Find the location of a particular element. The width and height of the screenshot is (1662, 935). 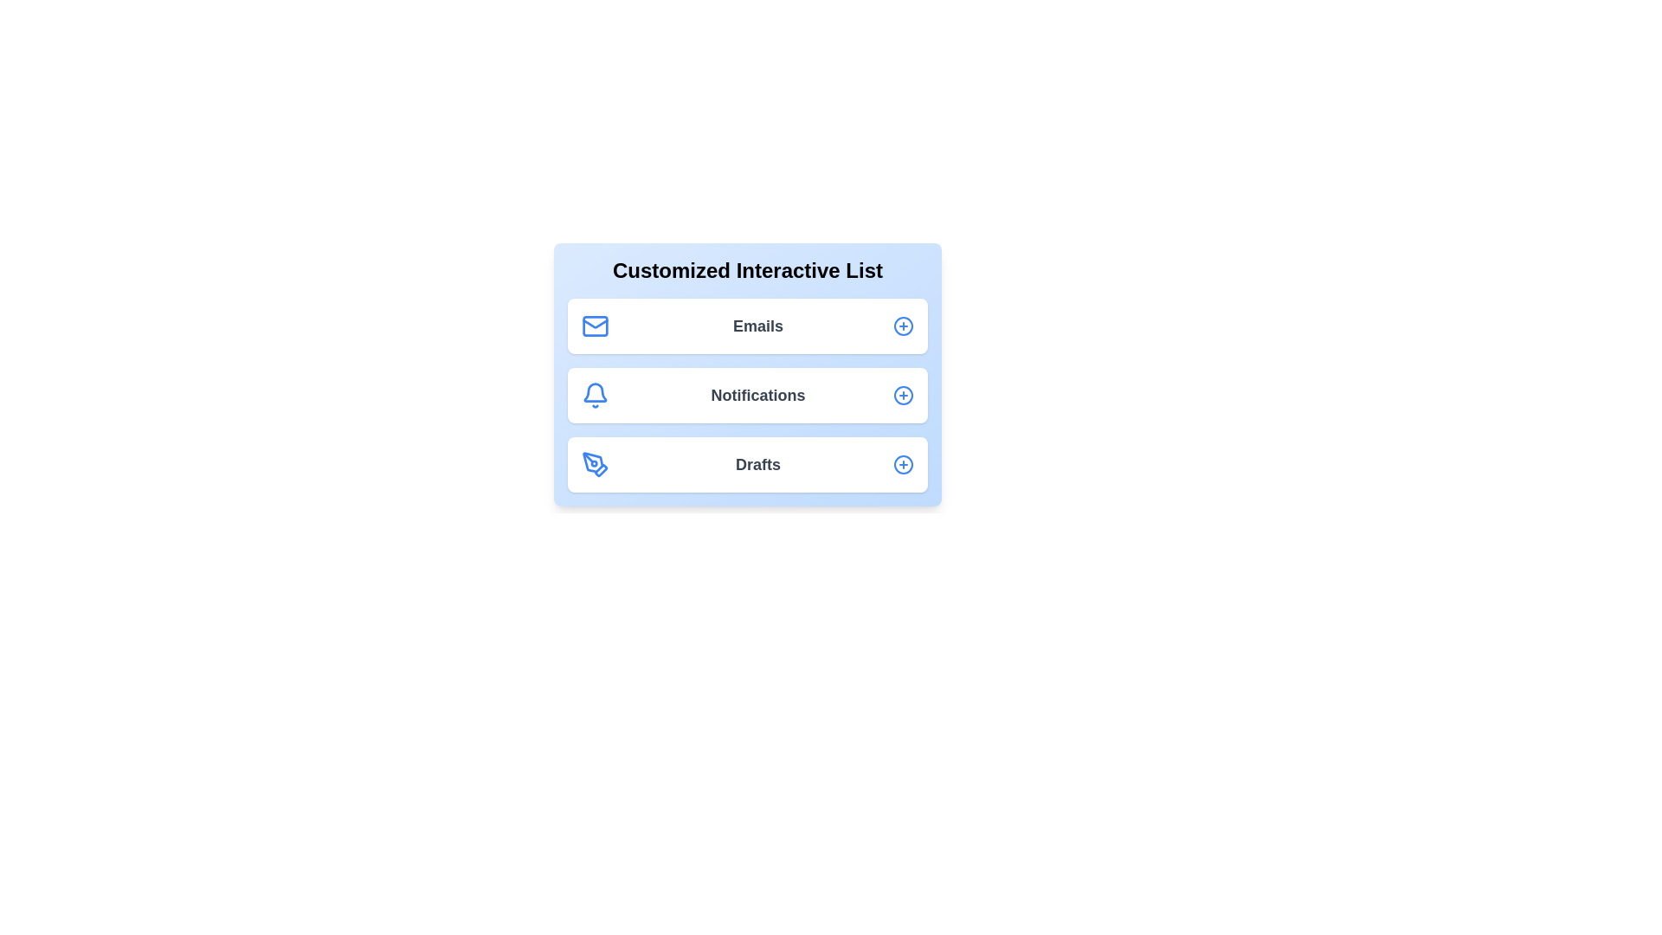

the expand/collapse button for the Drafts list item is located at coordinates (902, 463).